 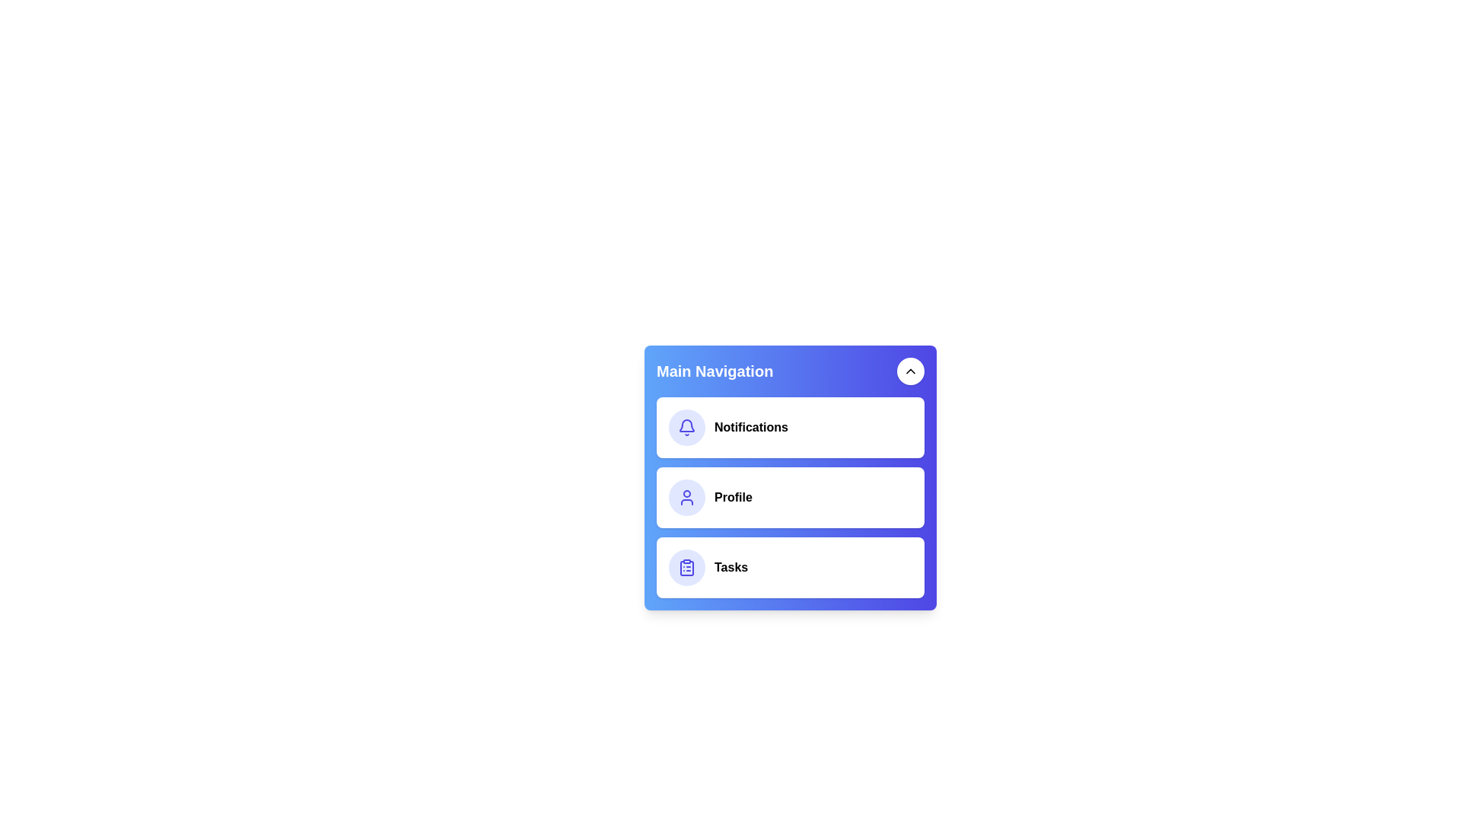 I want to click on the toggle button to change the menu visibility, so click(x=910, y=371).